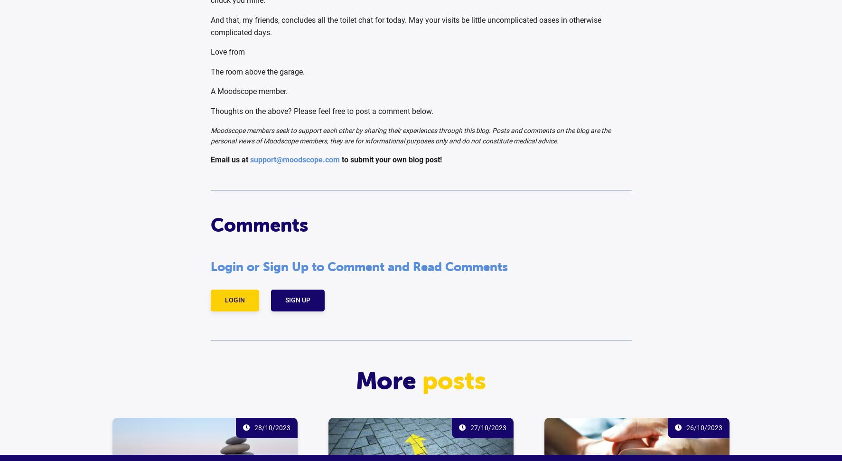 This screenshot has height=461, width=842. I want to click on 'Comments', so click(258, 225).